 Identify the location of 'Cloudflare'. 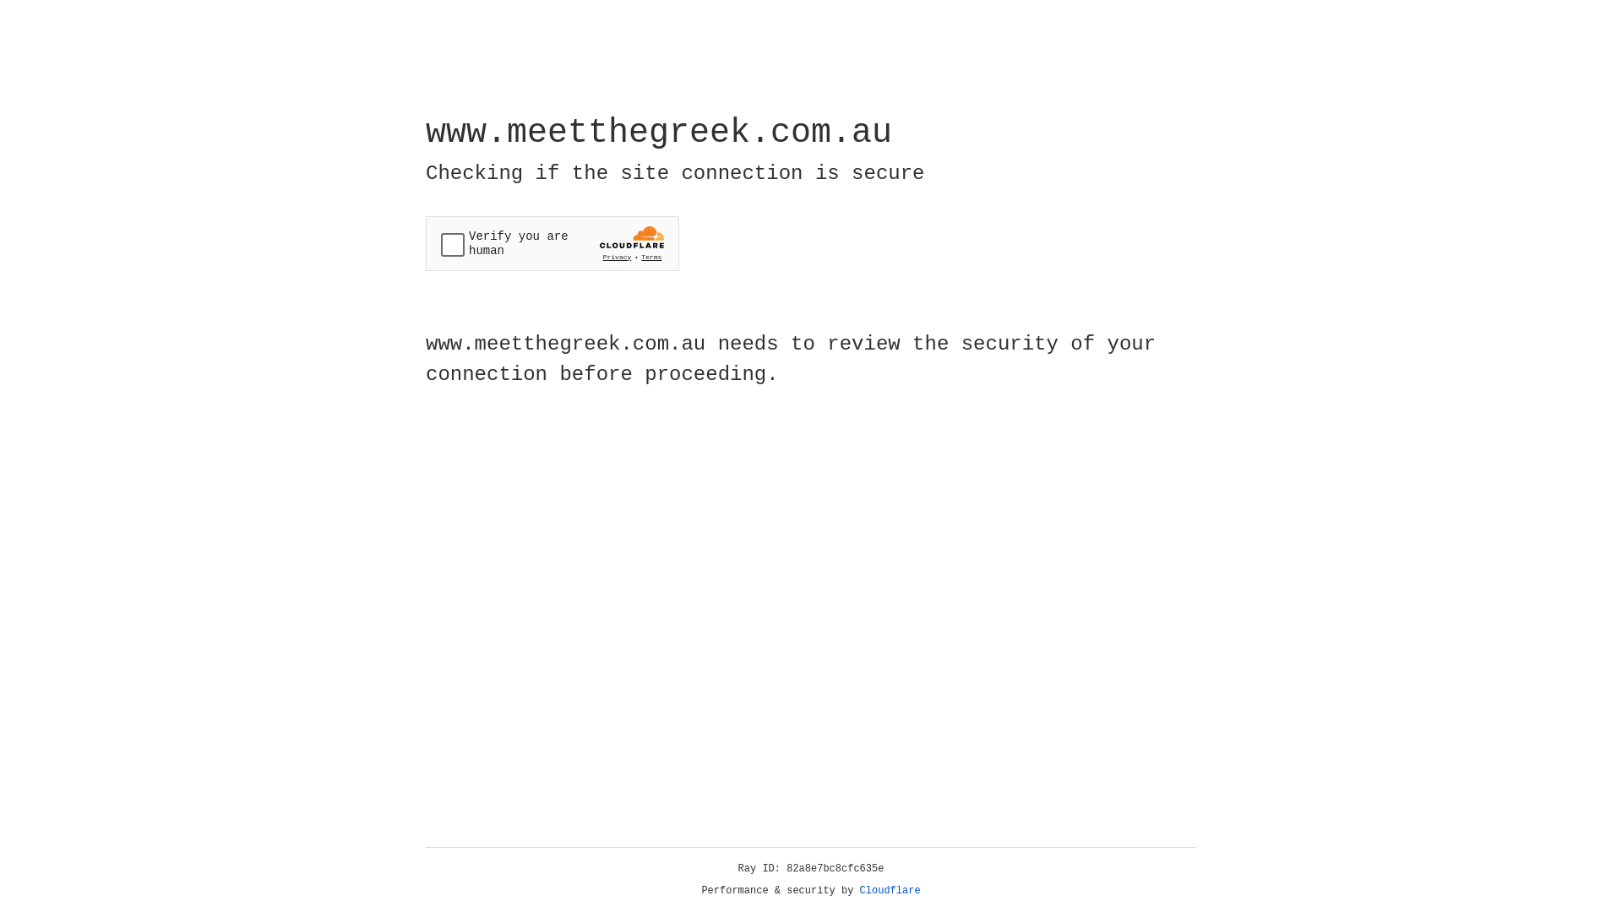
(890, 890).